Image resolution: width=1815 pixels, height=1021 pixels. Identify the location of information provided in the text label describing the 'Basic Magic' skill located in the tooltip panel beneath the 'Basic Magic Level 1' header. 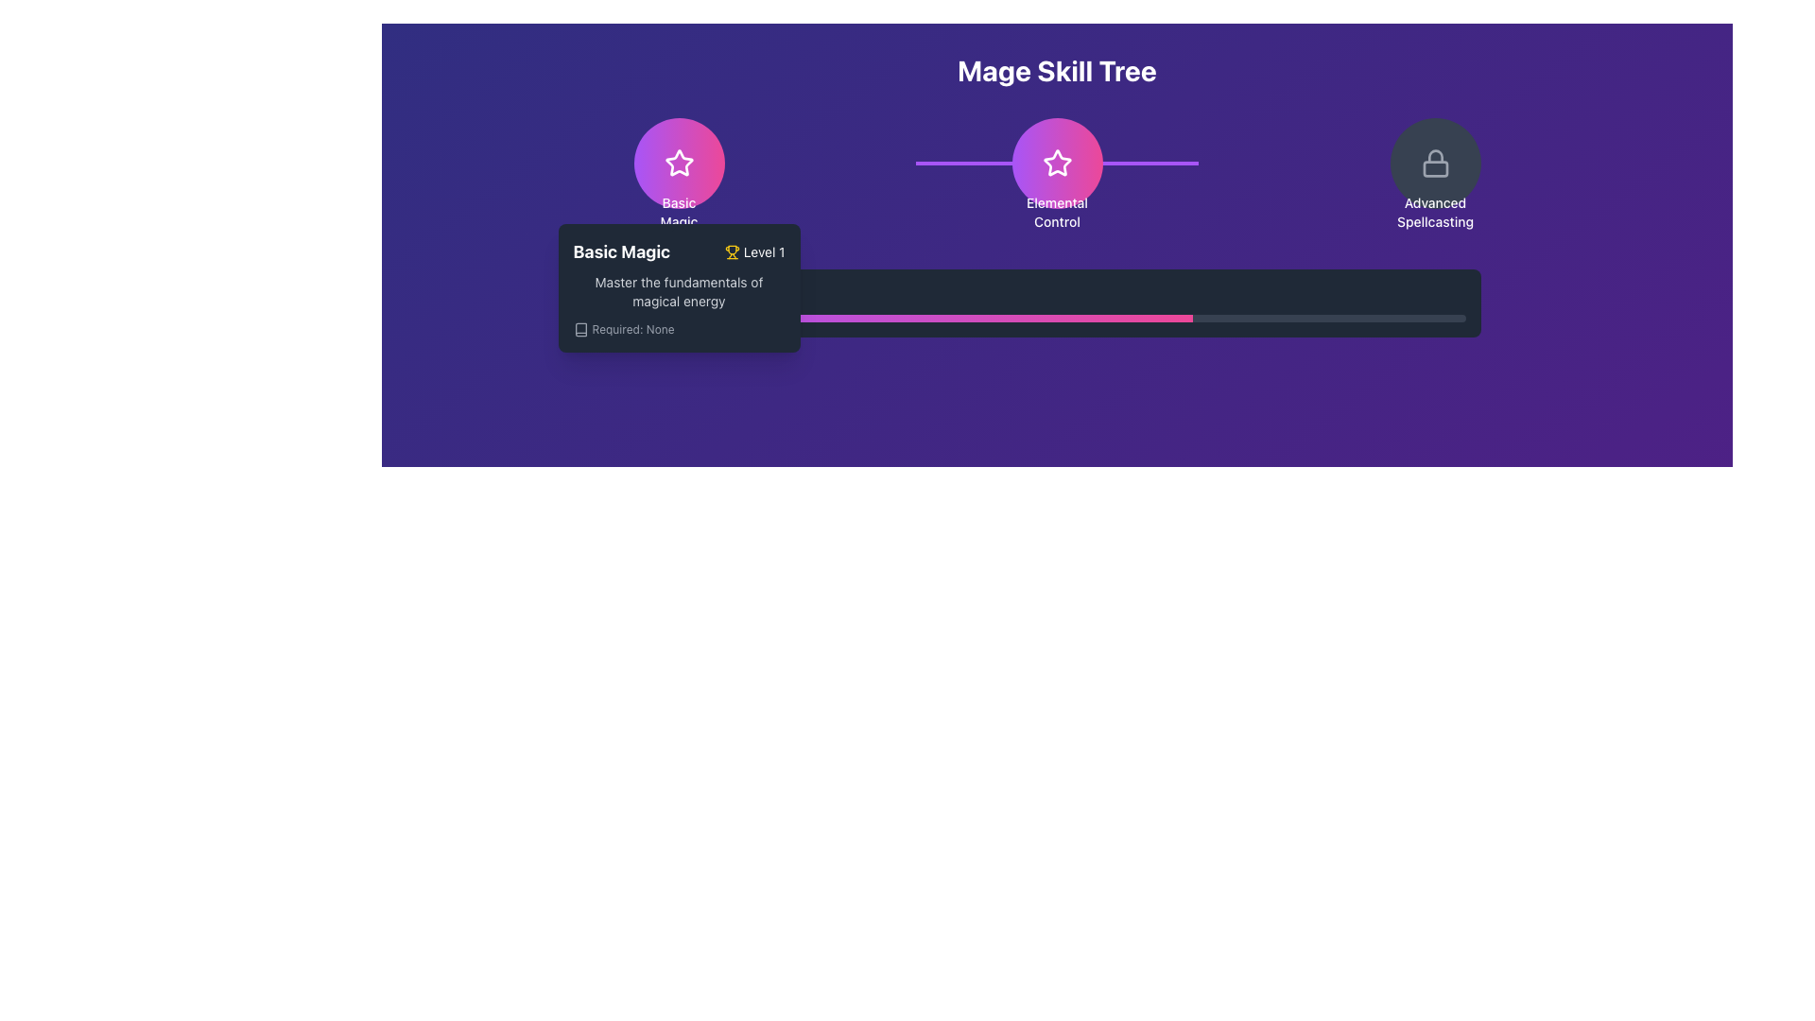
(679, 291).